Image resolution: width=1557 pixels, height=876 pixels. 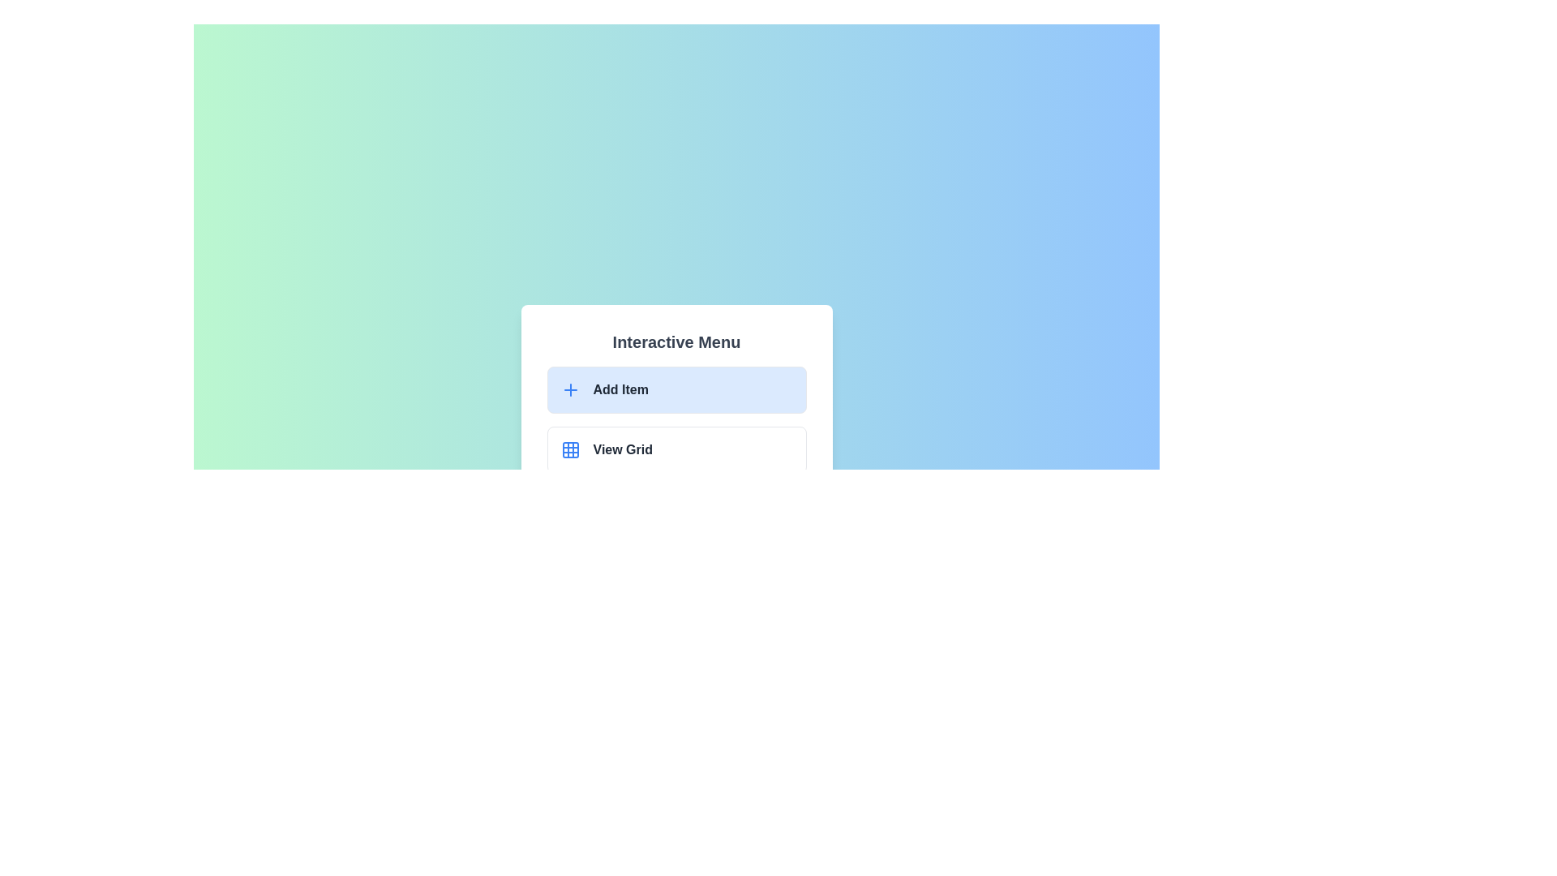 What do you see at coordinates (676, 450) in the screenshot?
I see `the menu item View Grid from the list` at bounding box center [676, 450].